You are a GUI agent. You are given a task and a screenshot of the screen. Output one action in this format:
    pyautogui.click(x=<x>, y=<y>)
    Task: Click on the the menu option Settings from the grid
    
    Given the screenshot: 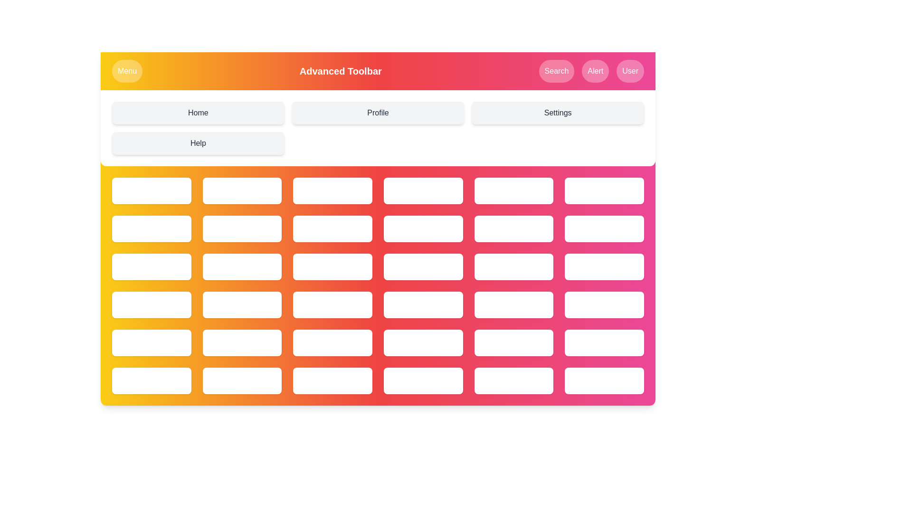 What is the action you would take?
    pyautogui.click(x=558, y=113)
    